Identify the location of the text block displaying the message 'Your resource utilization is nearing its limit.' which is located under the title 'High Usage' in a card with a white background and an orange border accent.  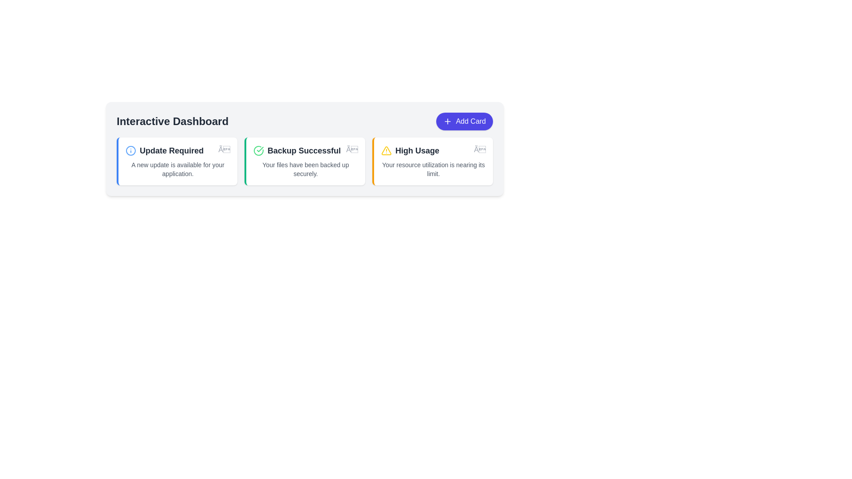
(434, 169).